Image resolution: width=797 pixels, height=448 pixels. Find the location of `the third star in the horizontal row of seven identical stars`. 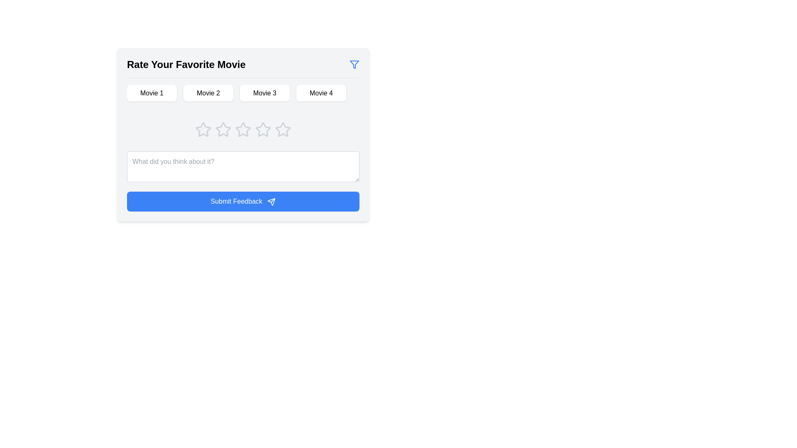

the third star in the horizontal row of seven identical stars is located at coordinates (223, 129).